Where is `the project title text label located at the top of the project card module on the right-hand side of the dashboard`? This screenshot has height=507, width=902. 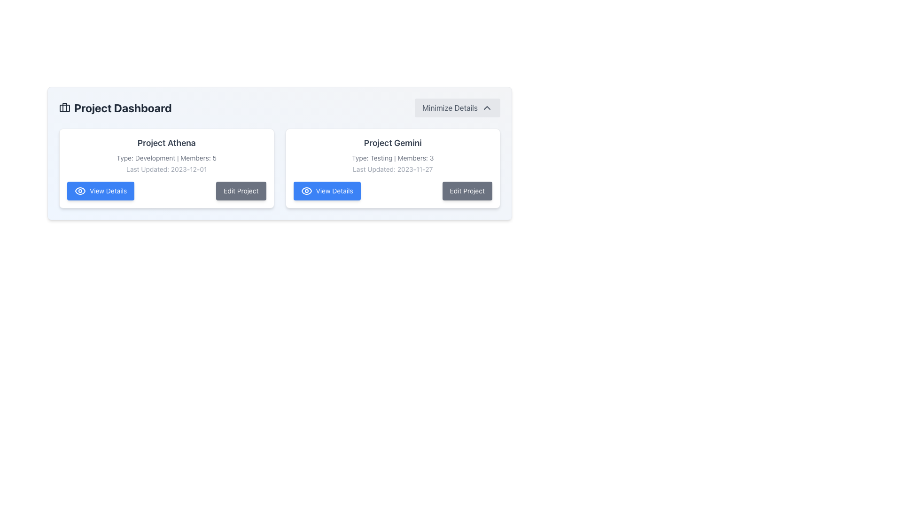 the project title text label located at the top of the project card module on the right-hand side of the dashboard is located at coordinates (393, 143).